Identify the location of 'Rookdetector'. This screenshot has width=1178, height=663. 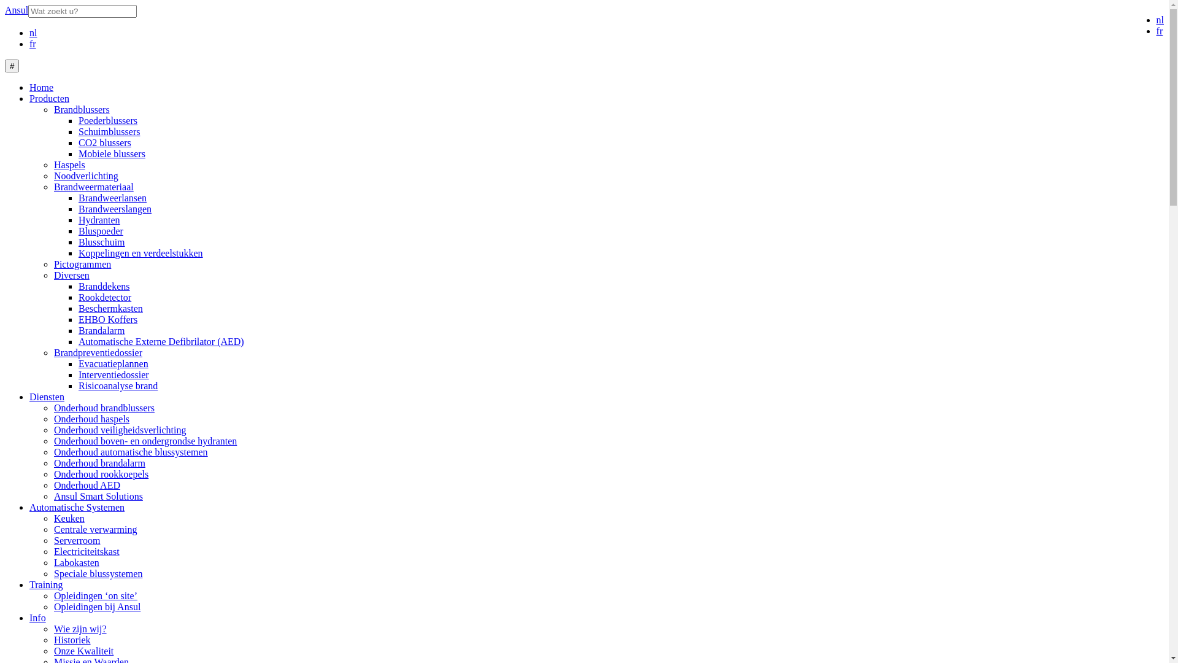
(105, 297).